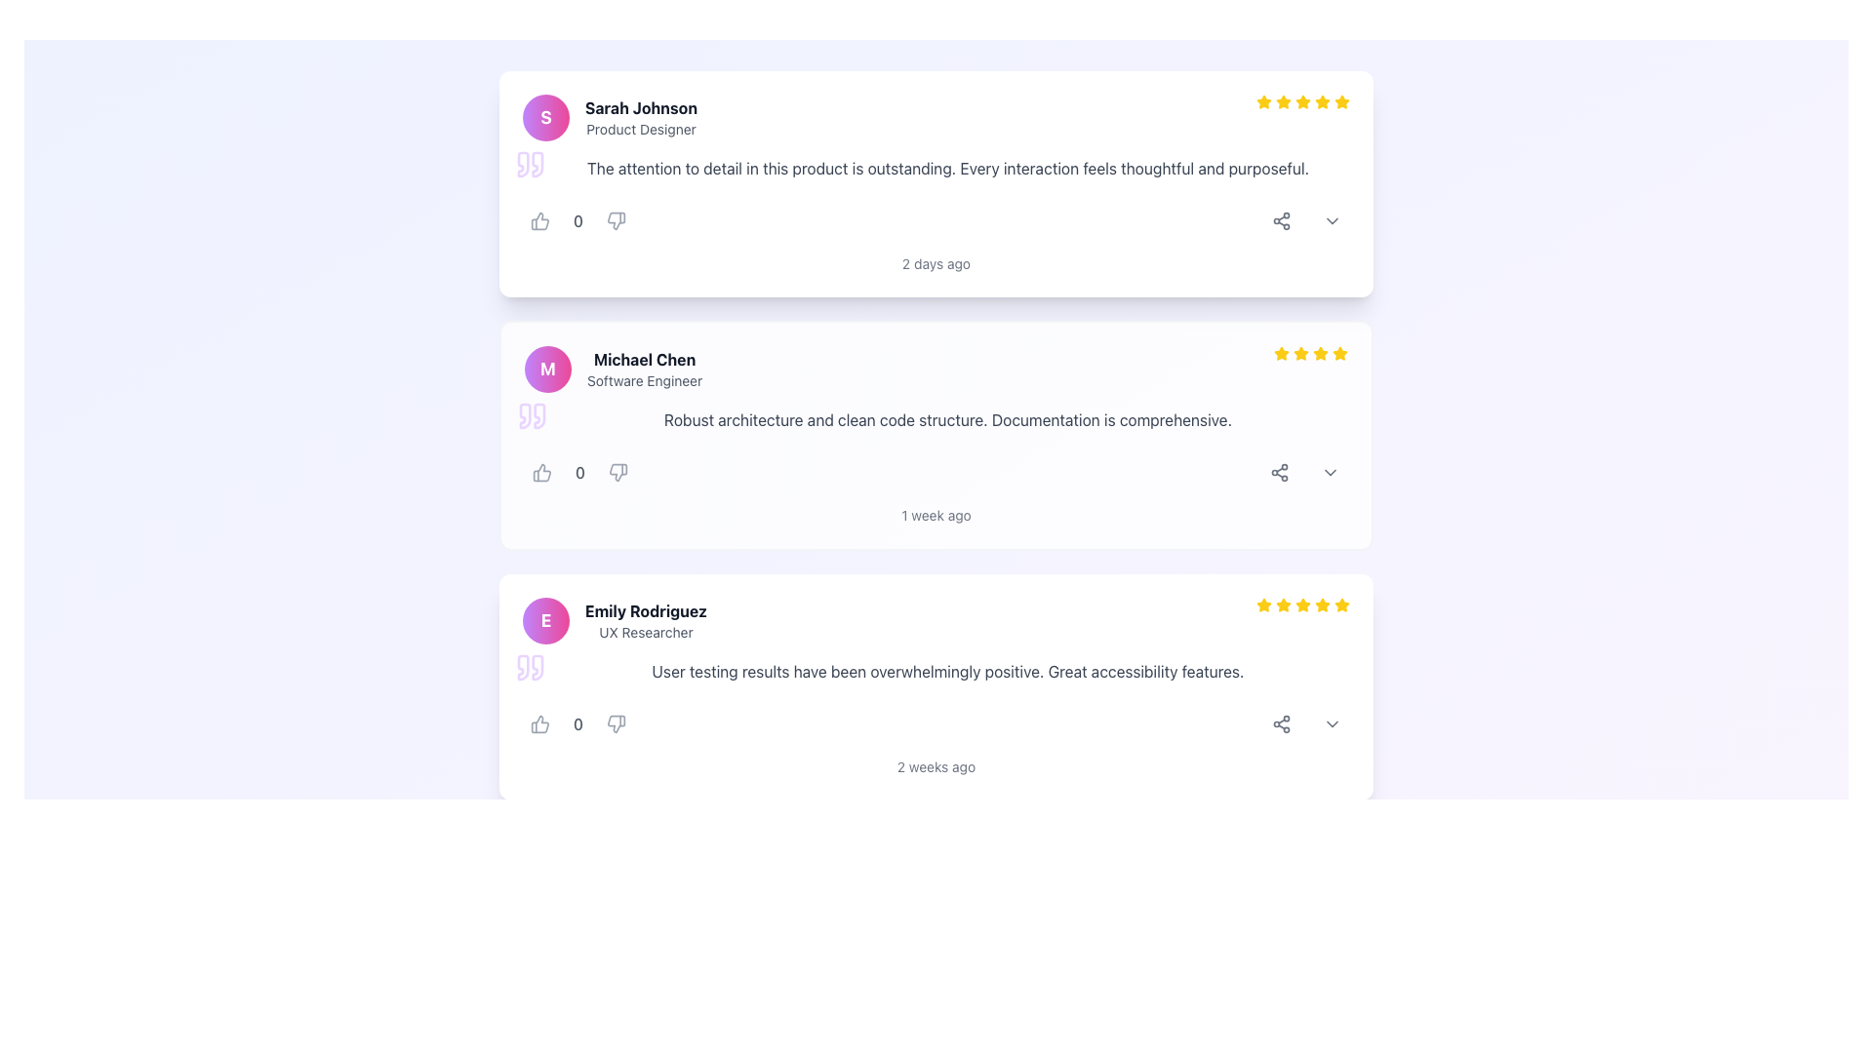 The height and width of the screenshot is (1053, 1873). Describe the element at coordinates (936, 184) in the screenshot. I see `review content displayed in the first feedback card, which includes the user's name, role, feedback, and a timestamp indicating '2 days ago'` at that location.